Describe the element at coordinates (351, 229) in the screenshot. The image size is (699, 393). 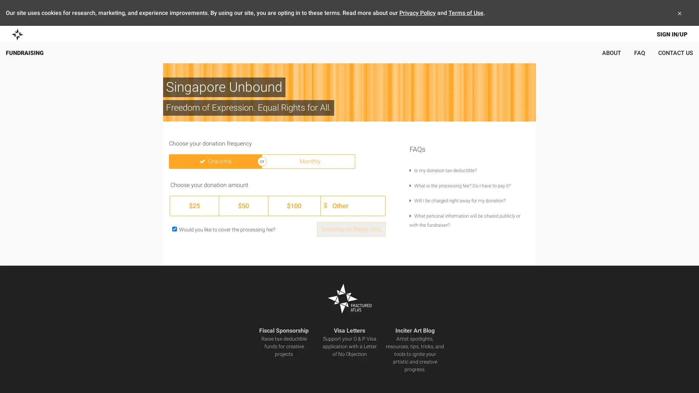
I see `Continue to Donor Info` at that location.